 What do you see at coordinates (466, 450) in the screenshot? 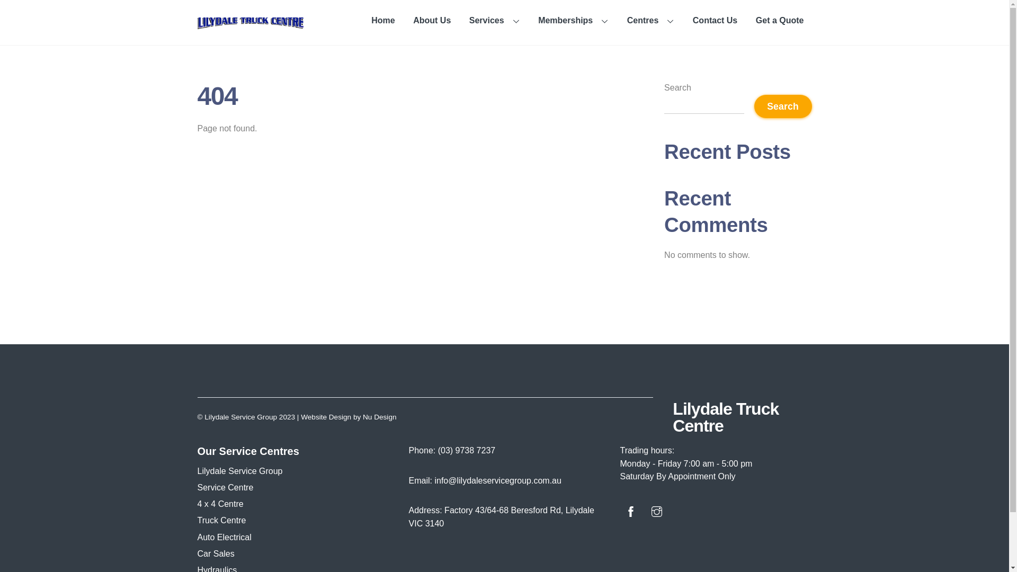
I see `'(03) 9738 7237'` at bounding box center [466, 450].